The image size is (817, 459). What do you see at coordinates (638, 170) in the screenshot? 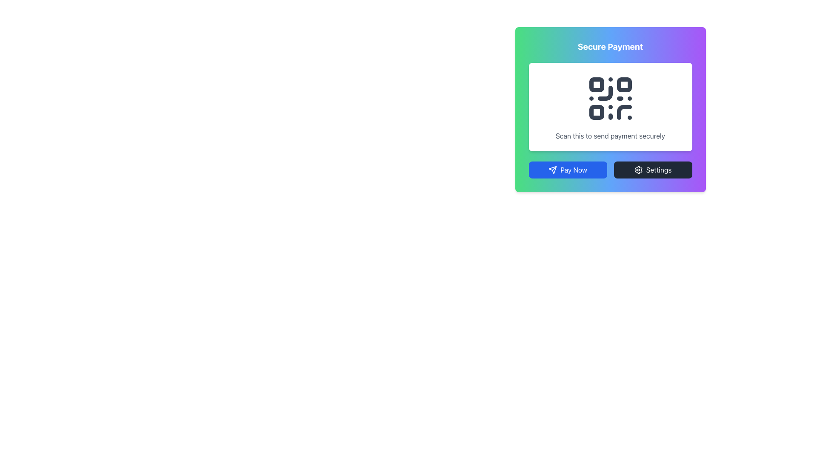
I see `the cogwheel icon representing settings, located near the bottom-right corner of the interface` at bounding box center [638, 170].